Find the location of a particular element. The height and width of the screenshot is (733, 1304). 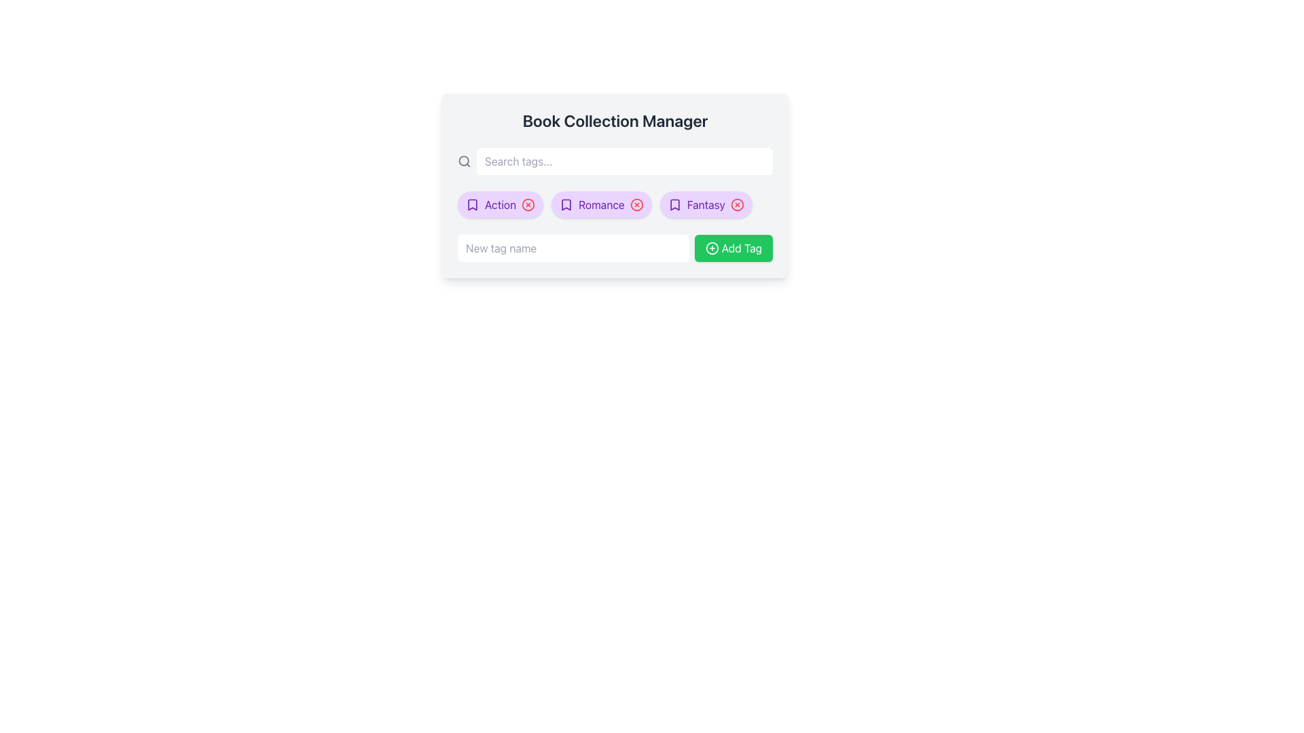

the pill-shaped tag labeled 'Action' with a purple background is located at coordinates (500, 204).